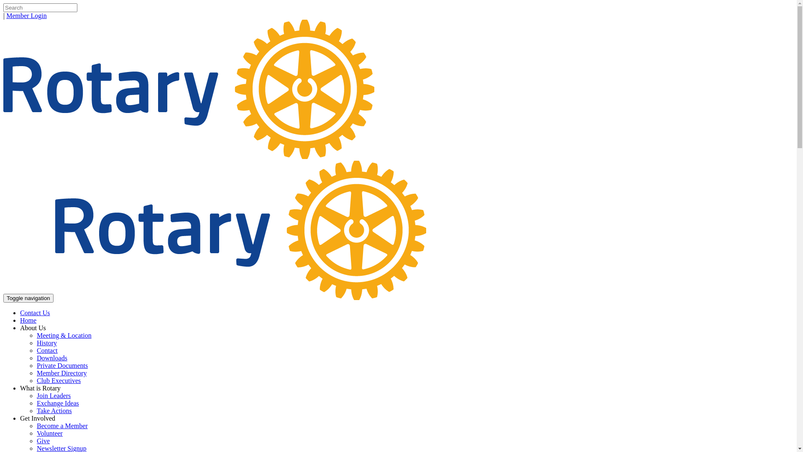 The height and width of the screenshot is (452, 803). Describe the element at coordinates (51, 358) in the screenshot. I see `'Downloads'` at that location.